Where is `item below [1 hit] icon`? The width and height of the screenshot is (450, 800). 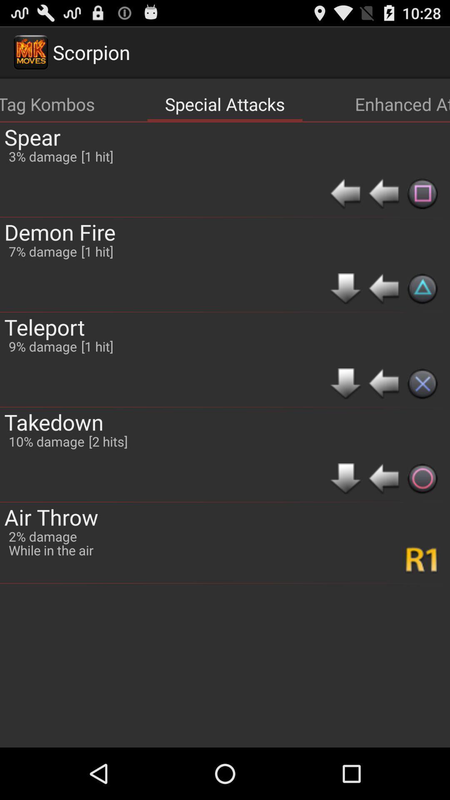
item below [1 hit] icon is located at coordinates (107, 441).